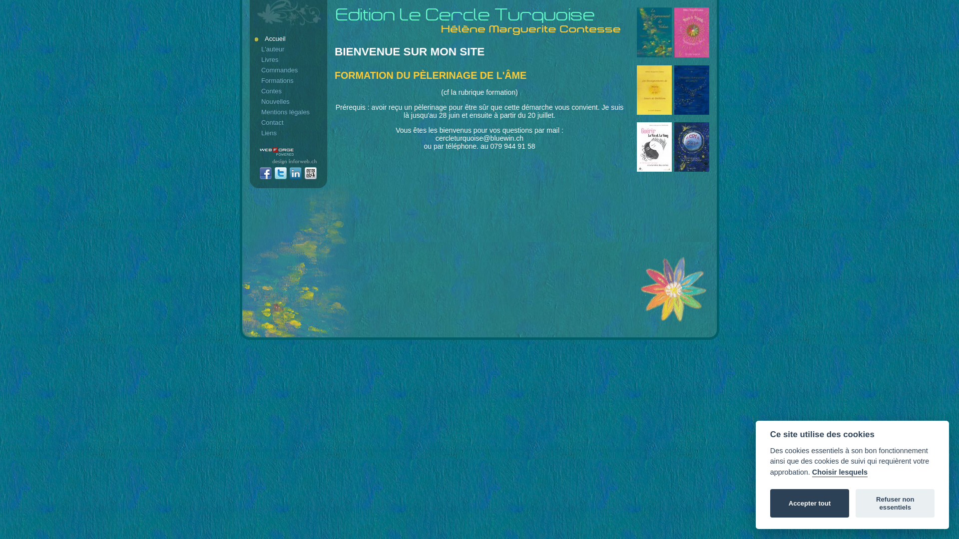 This screenshot has width=959, height=539. What do you see at coordinates (289, 132) in the screenshot?
I see `'Liens'` at bounding box center [289, 132].